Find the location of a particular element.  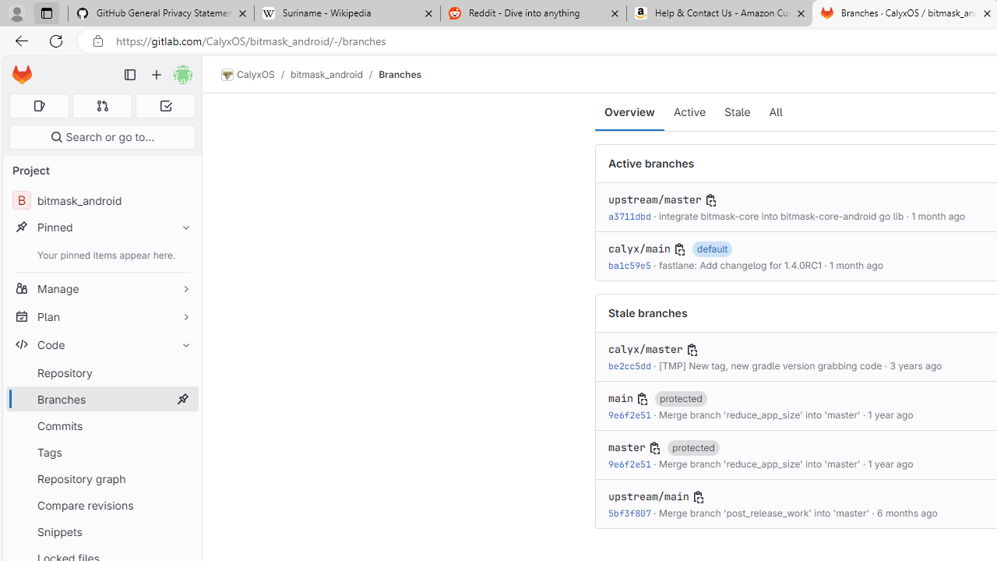

'CalyxOS' is located at coordinates (247, 75).